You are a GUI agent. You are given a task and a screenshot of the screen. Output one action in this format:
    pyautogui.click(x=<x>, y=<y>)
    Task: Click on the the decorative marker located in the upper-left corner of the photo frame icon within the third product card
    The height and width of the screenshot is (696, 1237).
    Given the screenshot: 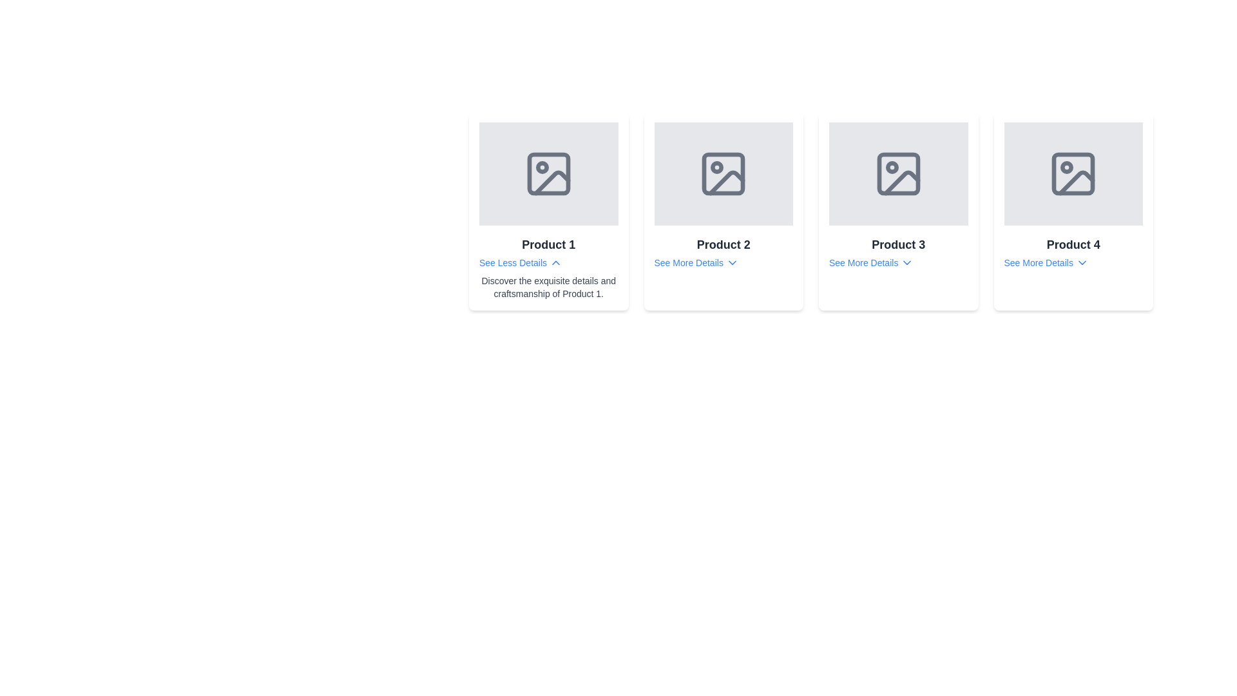 What is the action you would take?
    pyautogui.click(x=891, y=166)
    